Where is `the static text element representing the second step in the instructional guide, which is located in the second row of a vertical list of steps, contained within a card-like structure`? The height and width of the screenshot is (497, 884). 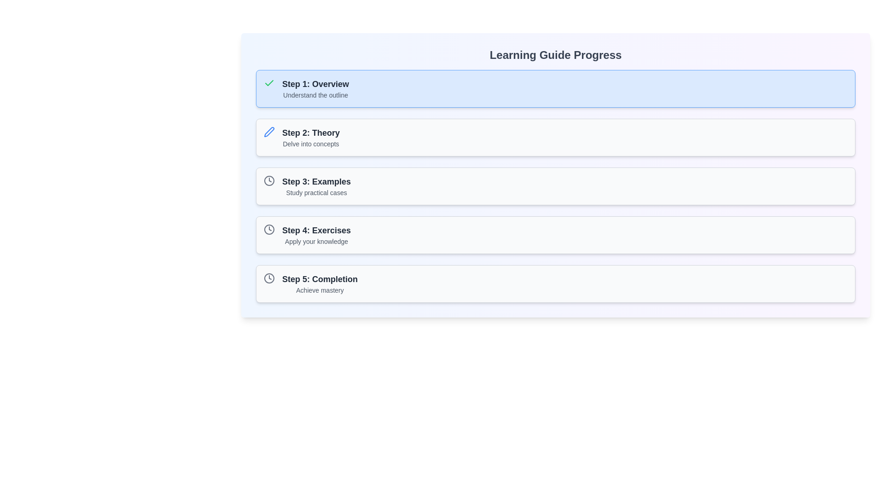
the static text element representing the second step in the instructional guide, which is located in the second row of a vertical list of steps, contained within a card-like structure is located at coordinates (311, 138).